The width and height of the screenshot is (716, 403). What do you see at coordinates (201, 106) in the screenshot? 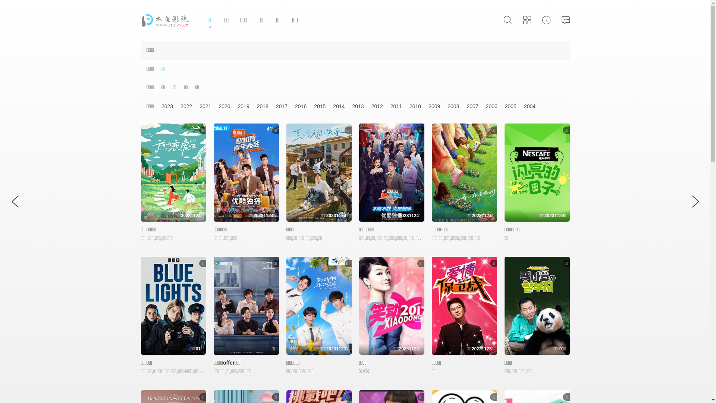
I see `'2021'` at bounding box center [201, 106].